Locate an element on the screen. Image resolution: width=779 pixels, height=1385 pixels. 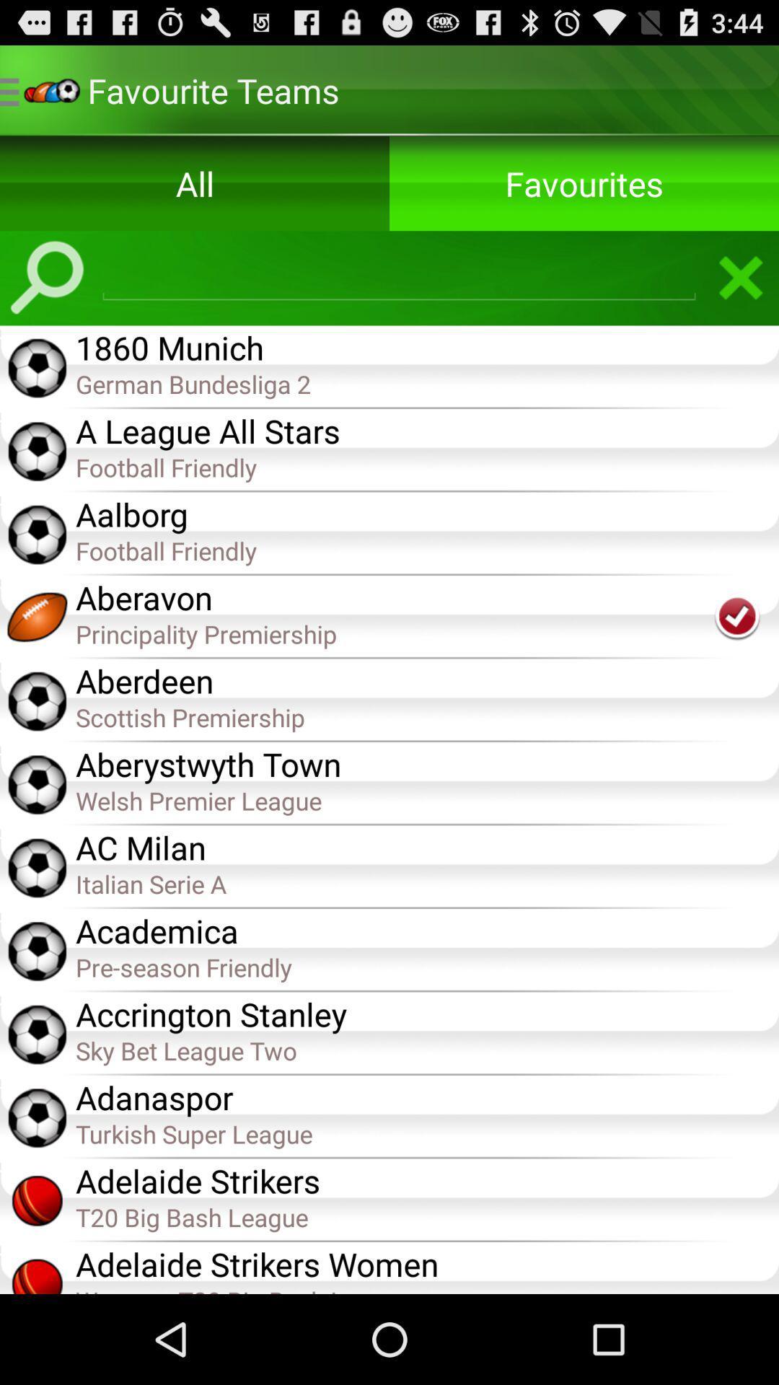
the item below the ac milan app is located at coordinates (426, 882).